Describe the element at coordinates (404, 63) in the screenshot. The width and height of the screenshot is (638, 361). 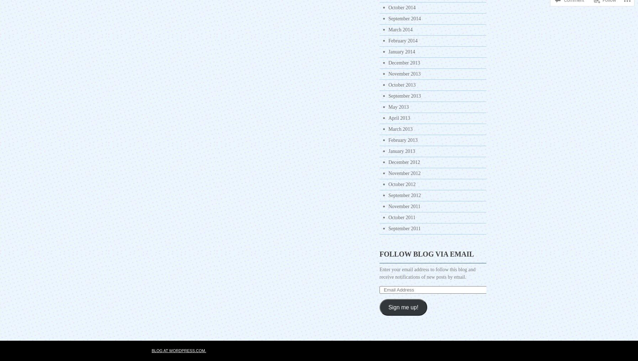
I see `'December 2013'` at that location.